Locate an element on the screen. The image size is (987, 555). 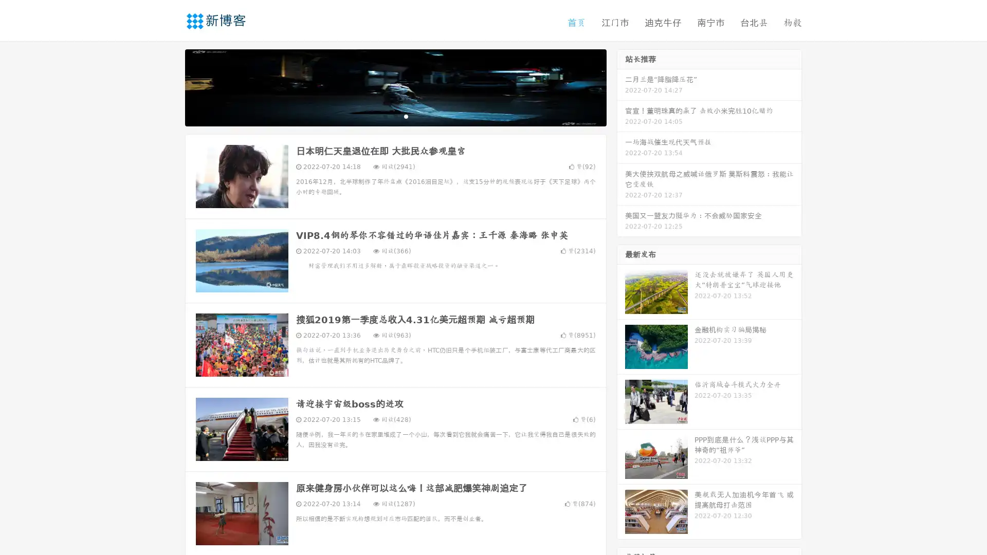
Go to slide 1 is located at coordinates (385, 116).